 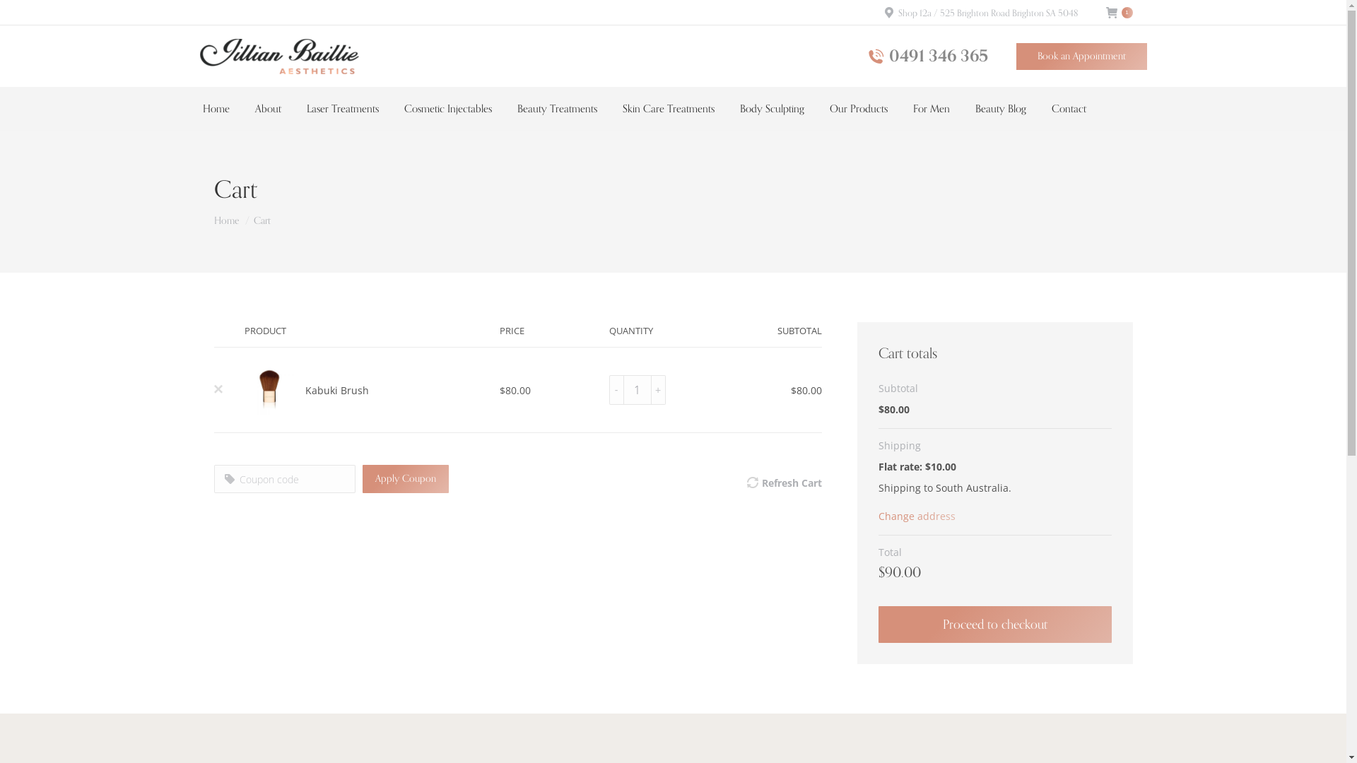 I want to click on 'Beauty Blog', so click(x=1000, y=108).